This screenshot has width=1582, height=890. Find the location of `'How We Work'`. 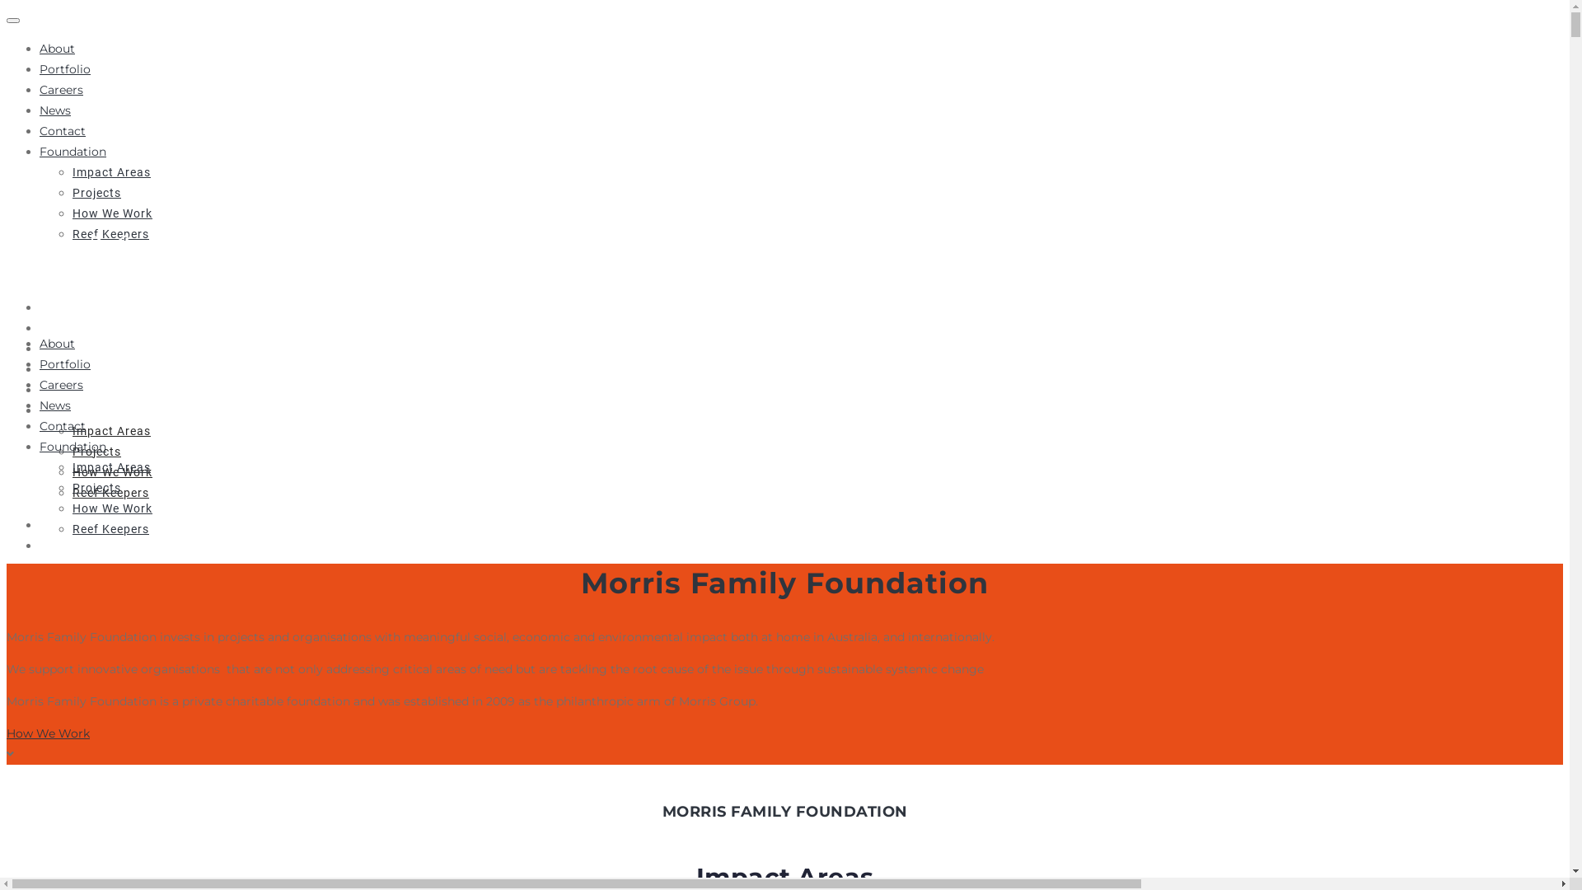

'How We Work' is located at coordinates (71, 471).